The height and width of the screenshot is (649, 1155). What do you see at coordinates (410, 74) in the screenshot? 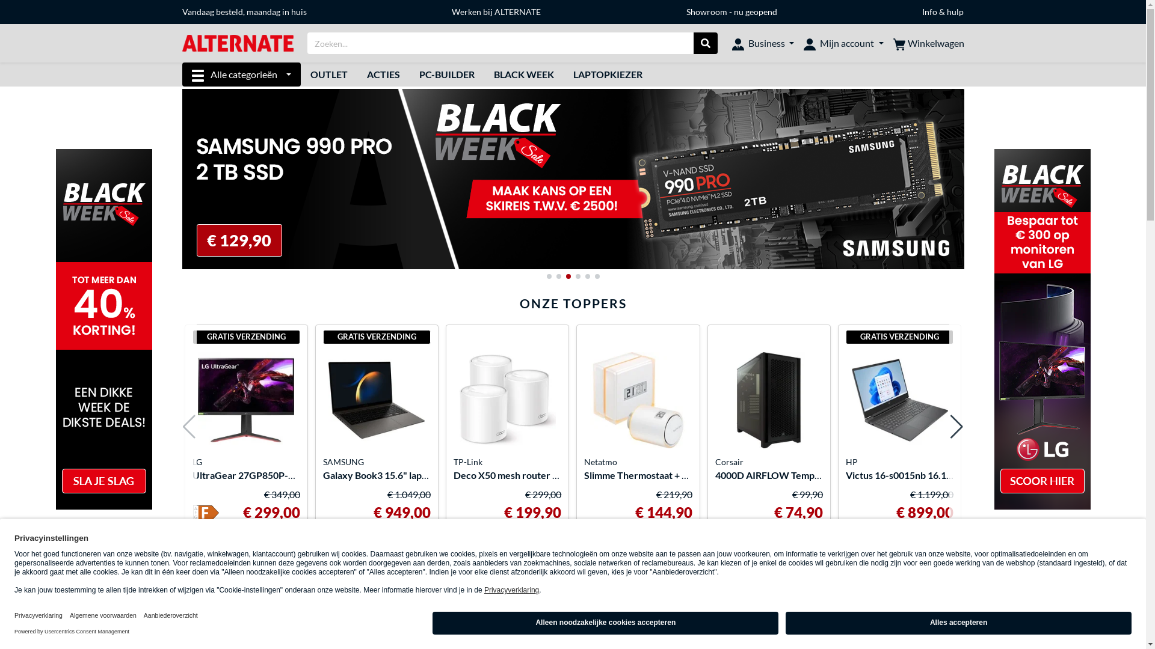
I see `'PC-BUILDER'` at bounding box center [410, 74].